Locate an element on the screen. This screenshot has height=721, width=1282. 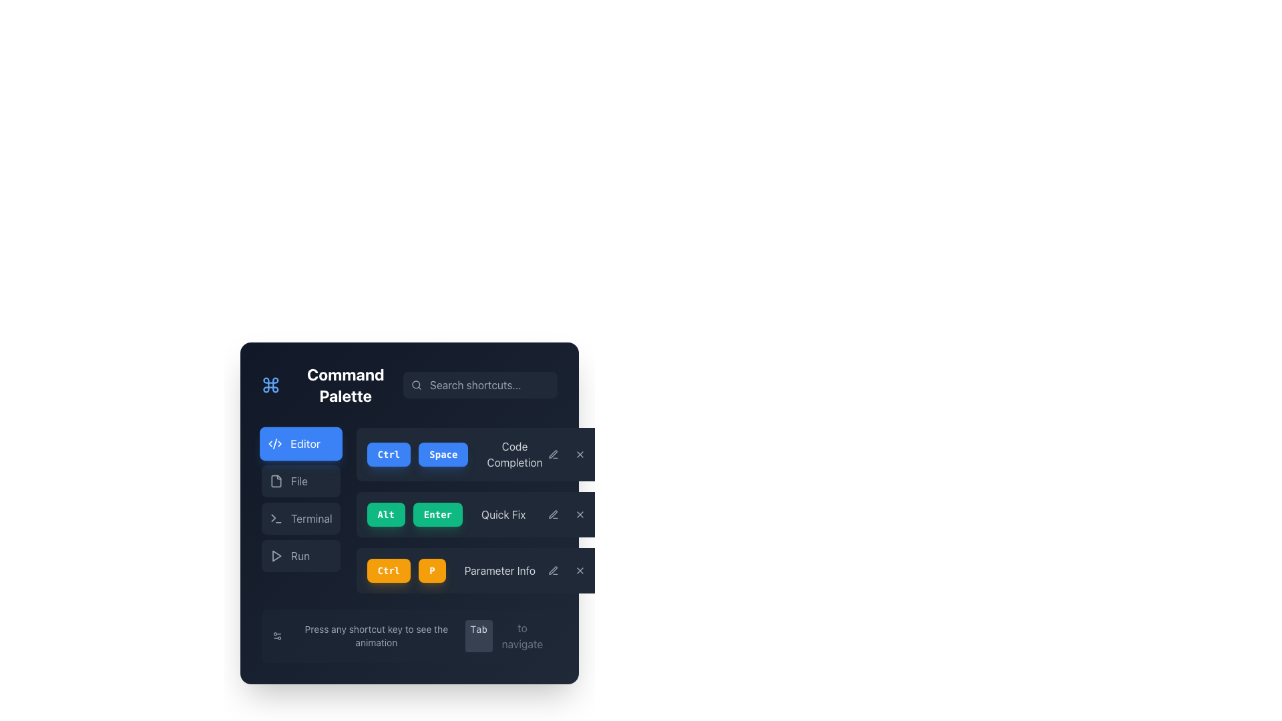
the code icon, which features arrows and a slanted line against a blue background is located at coordinates (274, 443).